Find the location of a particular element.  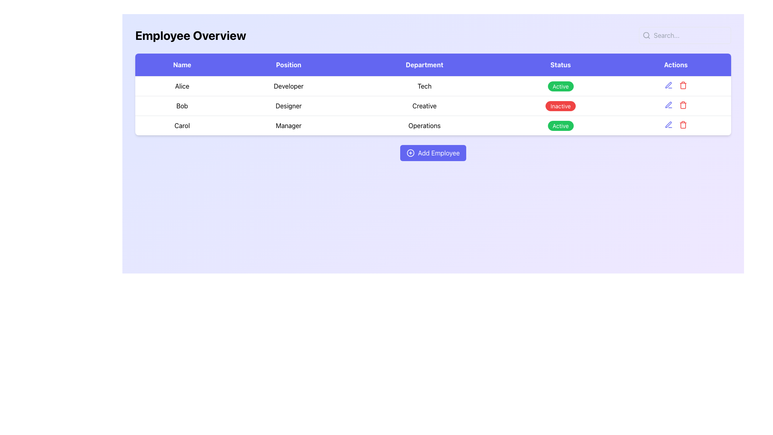

the SVG Icon (Pen-Like) located to the right of the 'Inactive' status label in the 'Actions' column to initiate editing for the record of Bob is located at coordinates (668, 104).